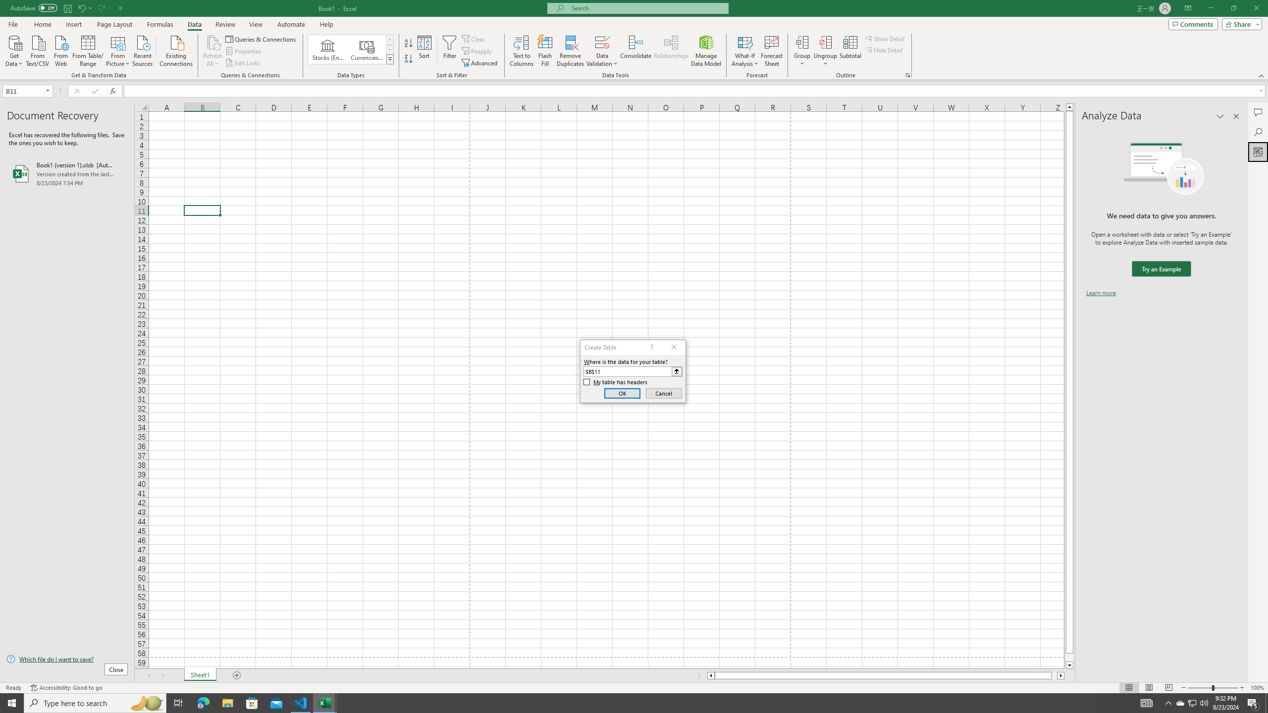 The width and height of the screenshot is (1268, 713). What do you see at coordinates (449, 51) in the screenshot?
I see `'Filter'` at bounding box center [449, 51].